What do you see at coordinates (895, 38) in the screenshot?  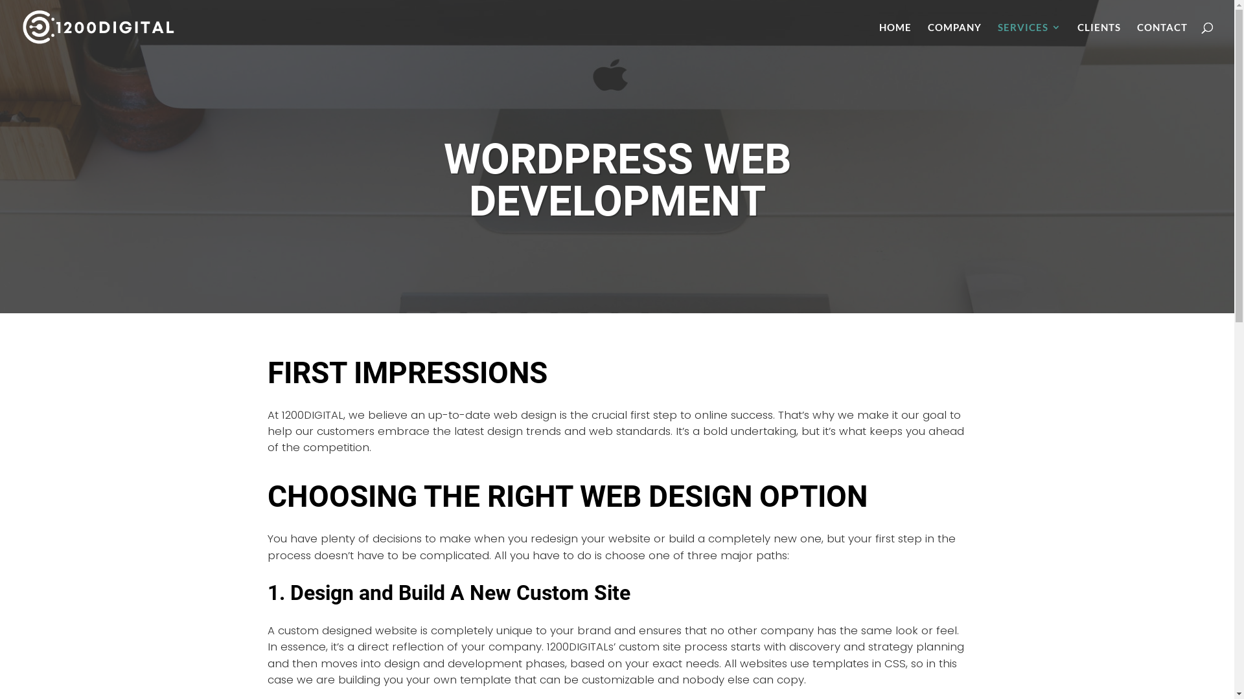 I see `'HOME'` at bounding box center [895, 38].